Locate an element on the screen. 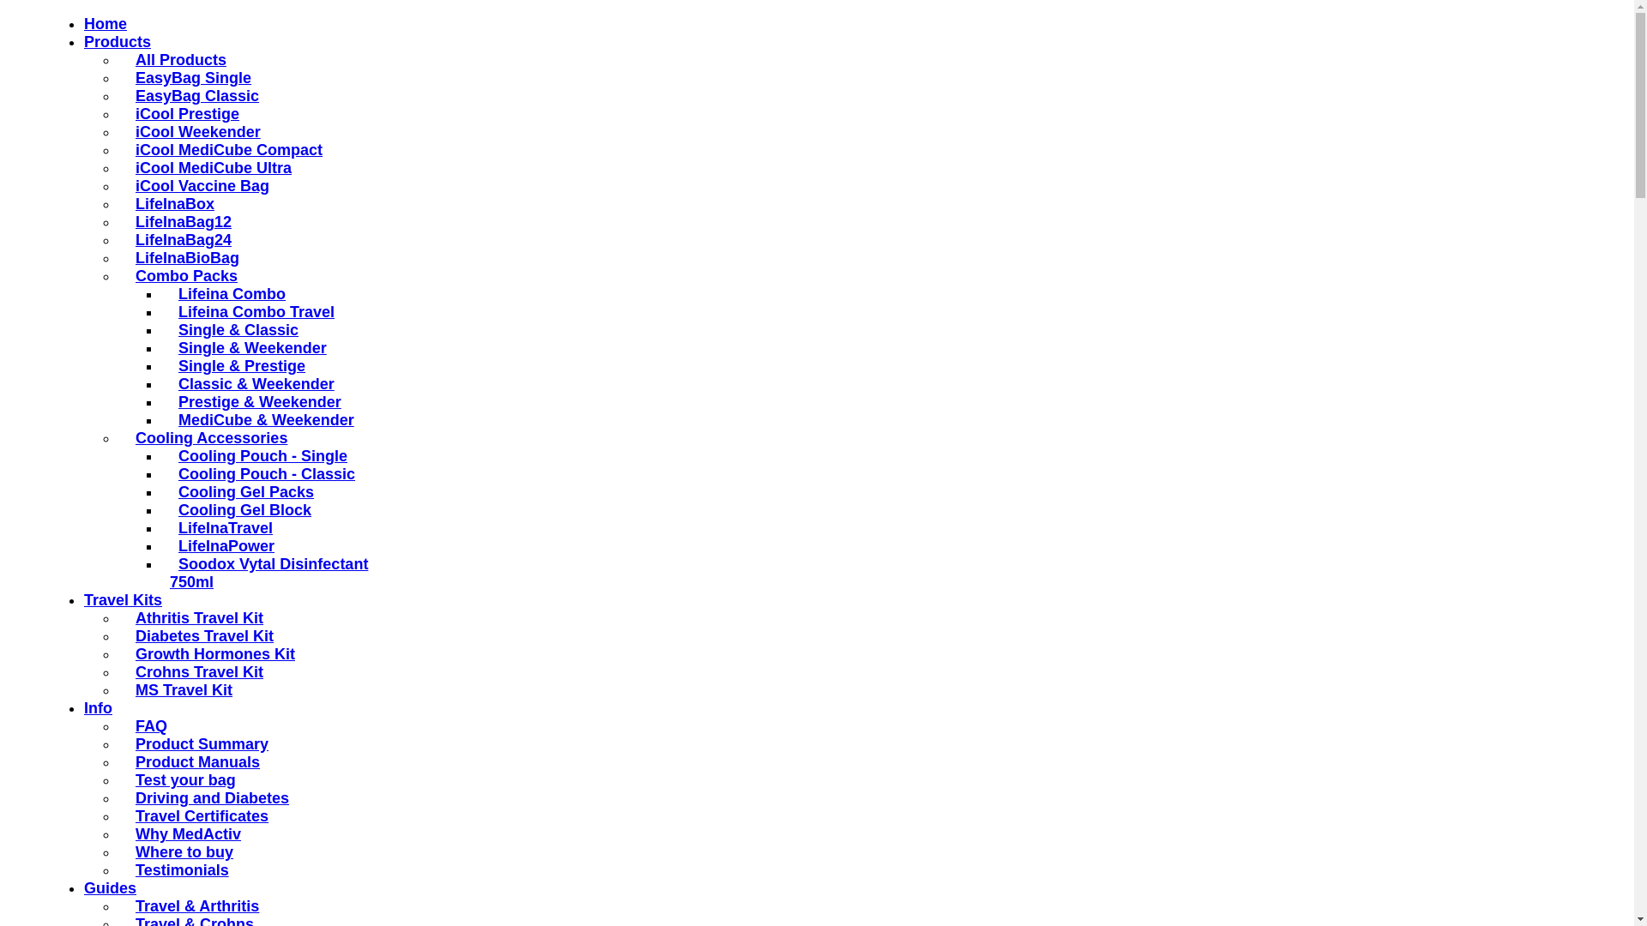  'LifeInaBag24' is located at coordinates (179, 240).